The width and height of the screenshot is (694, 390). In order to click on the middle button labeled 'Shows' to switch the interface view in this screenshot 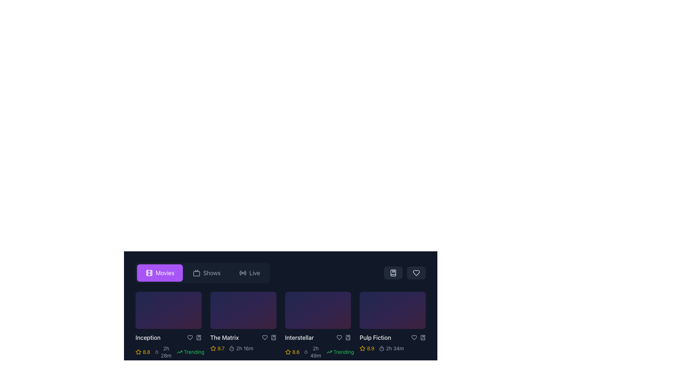, I will do `click(206, 273)`.